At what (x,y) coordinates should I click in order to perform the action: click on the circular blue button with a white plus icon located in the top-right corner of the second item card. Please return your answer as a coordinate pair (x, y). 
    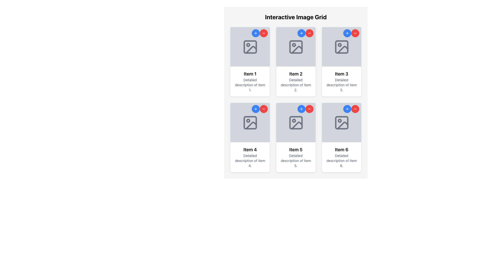
    Looking at the image, I should click on (301, 33).